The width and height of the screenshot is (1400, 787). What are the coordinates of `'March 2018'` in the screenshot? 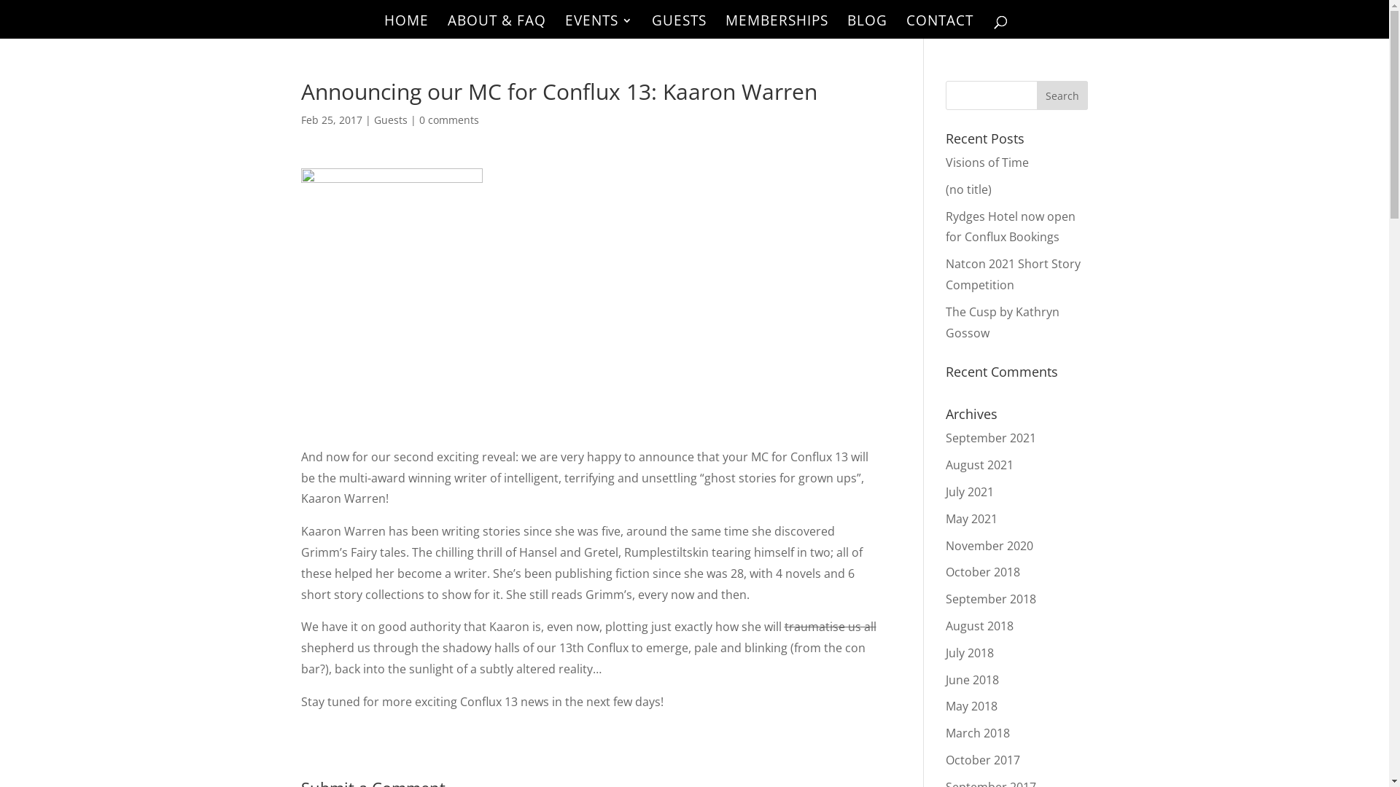 It's located at (977, 733).